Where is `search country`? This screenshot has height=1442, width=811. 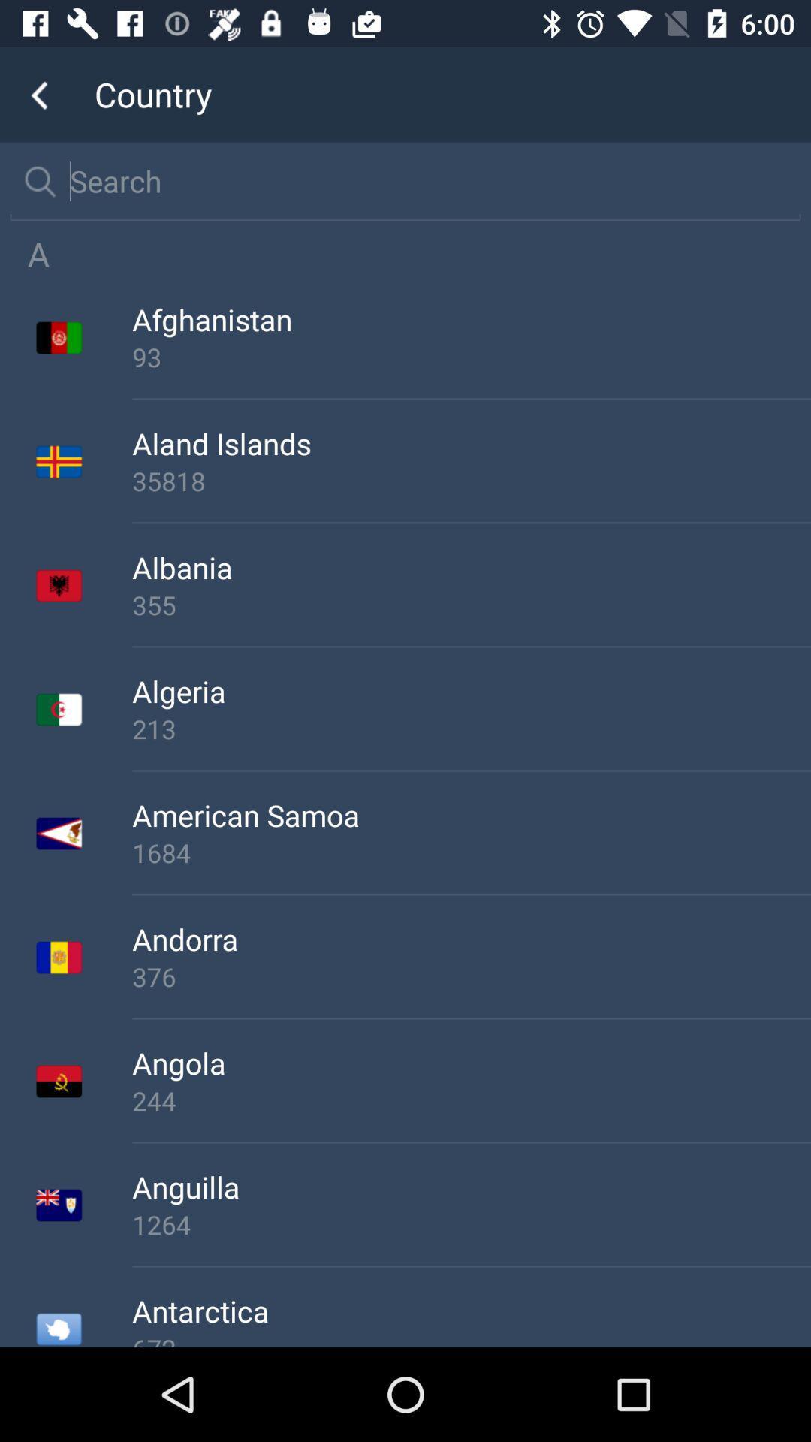
search country is located at coordinates (425, 180).